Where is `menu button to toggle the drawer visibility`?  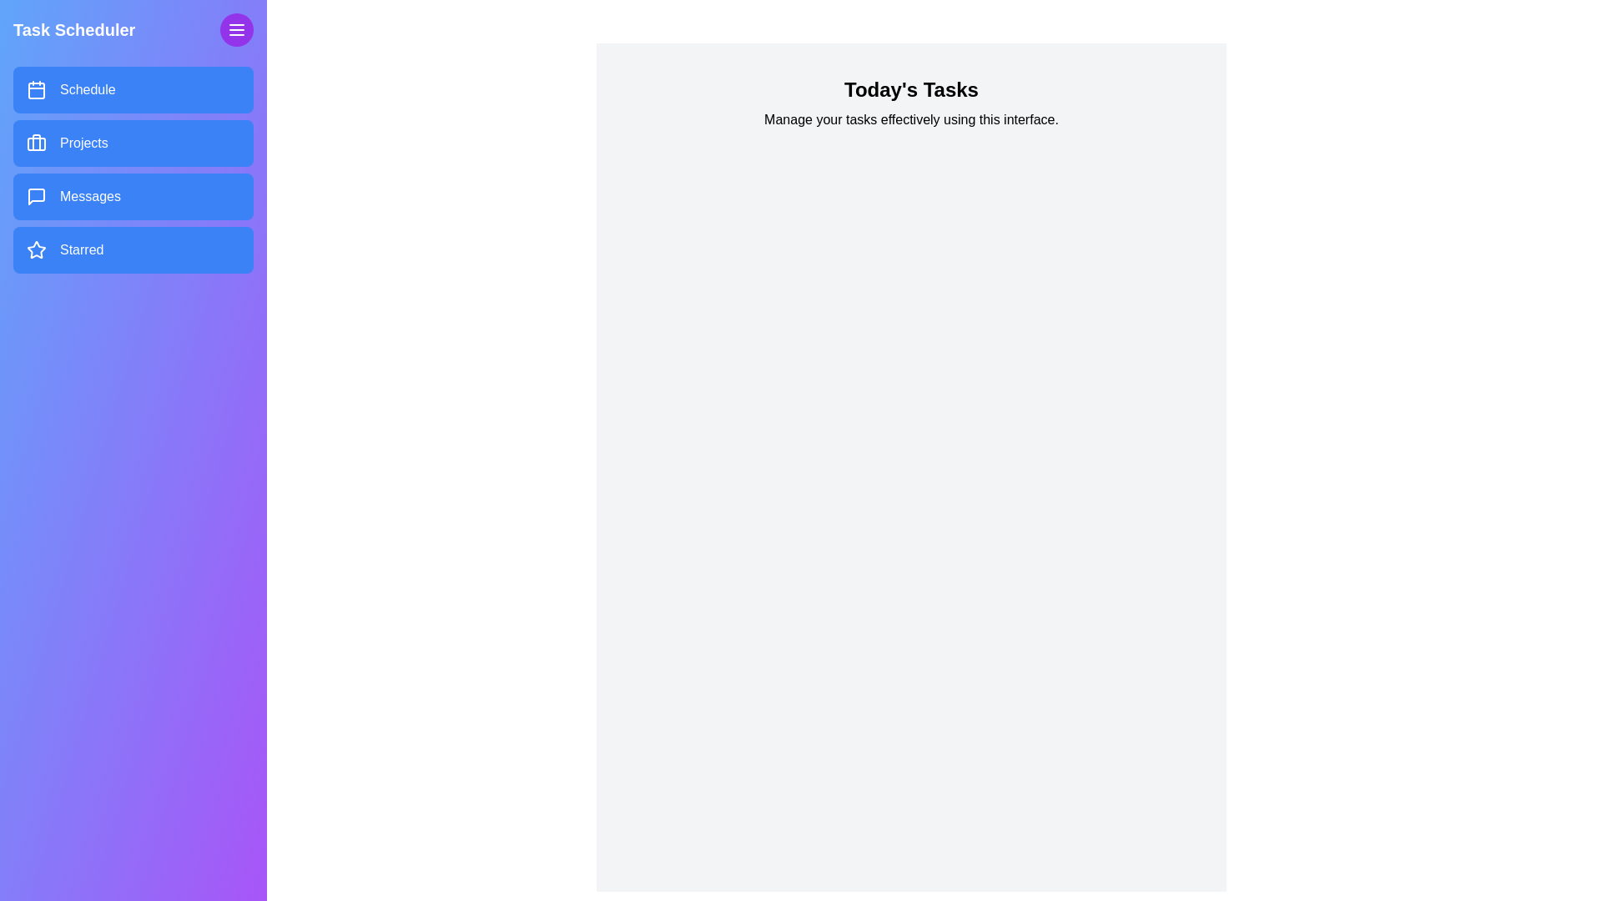
menu button to toggle the drawer visibility is located at coordinates (235, 29).